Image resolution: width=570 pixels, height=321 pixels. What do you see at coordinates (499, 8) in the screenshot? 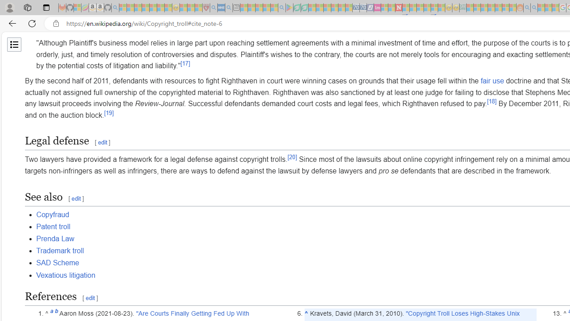
I see `'Kinda Frugal - MSN - Sleeping'` at bounding box center [499, 8].